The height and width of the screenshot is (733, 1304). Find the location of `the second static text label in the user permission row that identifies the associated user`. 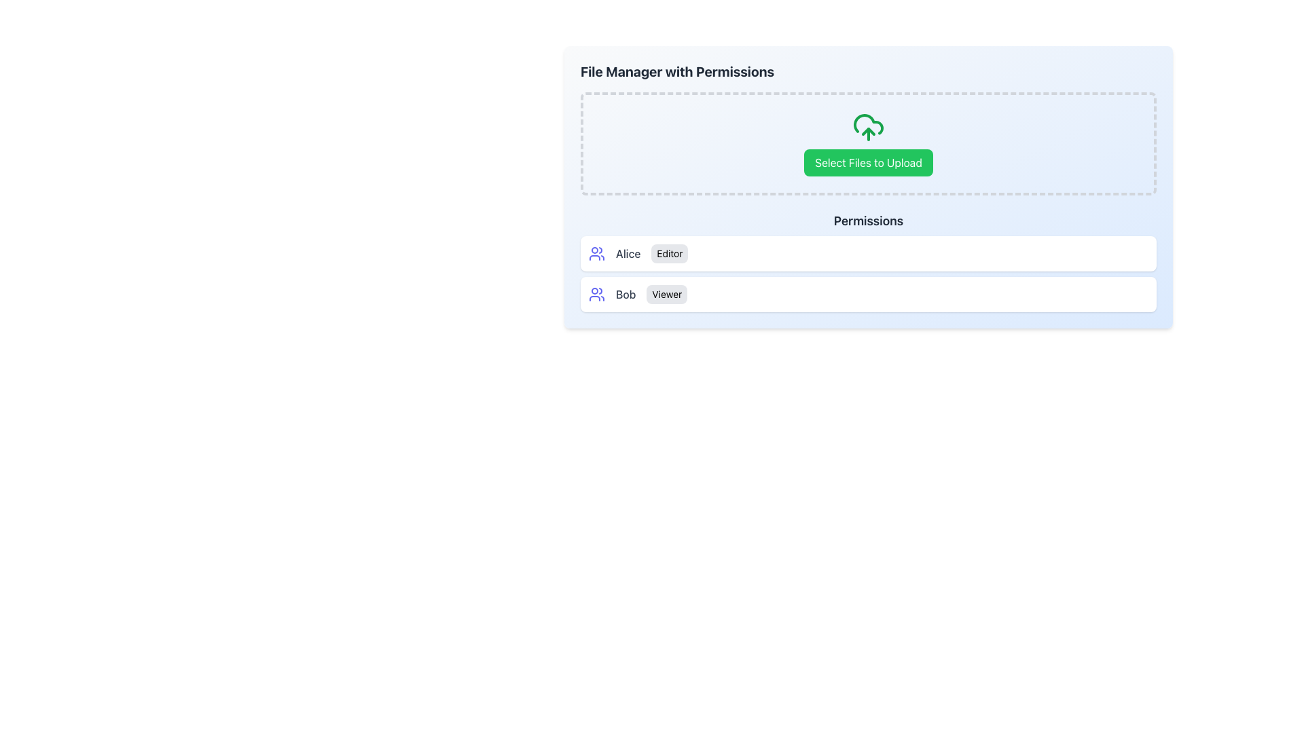

the second static text label in the user permission row that identifies the associated user is located at coordinates (625, 294).